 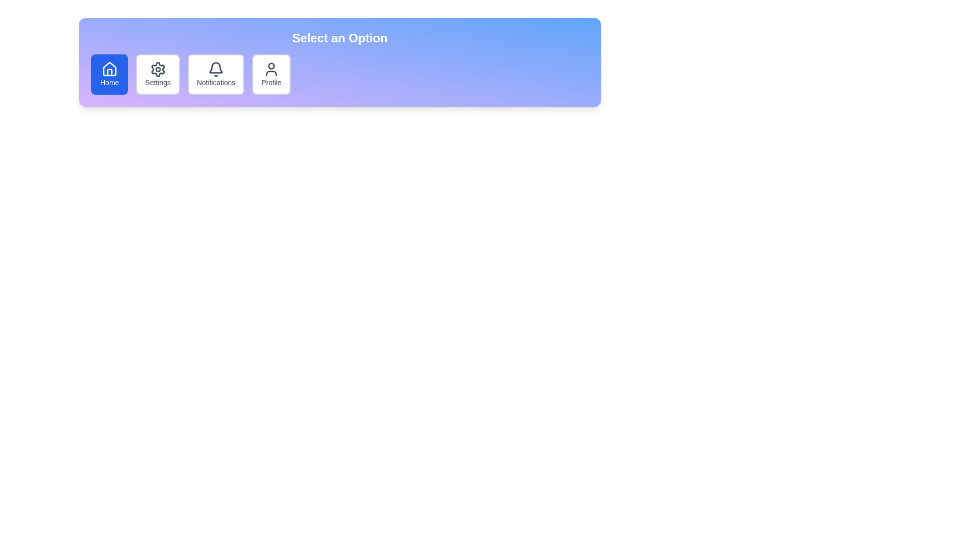 I want to click on the notification icon which is part of the 'Notifications' button in the horizontal navigation bar, so click(x=216, y=69).